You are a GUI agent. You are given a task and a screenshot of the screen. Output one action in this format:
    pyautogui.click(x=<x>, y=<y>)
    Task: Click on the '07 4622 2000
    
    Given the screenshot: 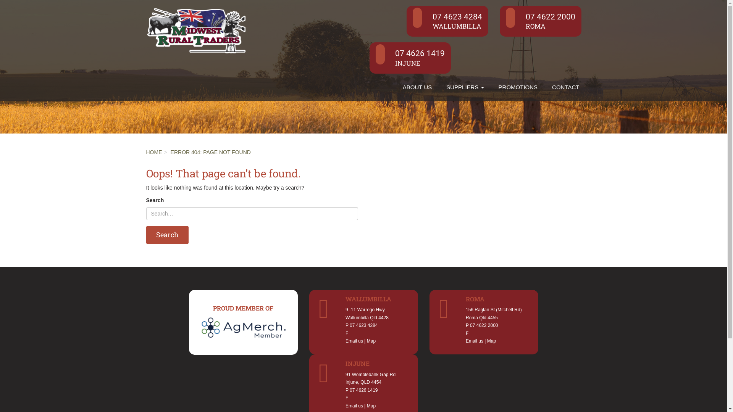 What is the action you would take?
    pyautogui.click(x=540, y=21)
    